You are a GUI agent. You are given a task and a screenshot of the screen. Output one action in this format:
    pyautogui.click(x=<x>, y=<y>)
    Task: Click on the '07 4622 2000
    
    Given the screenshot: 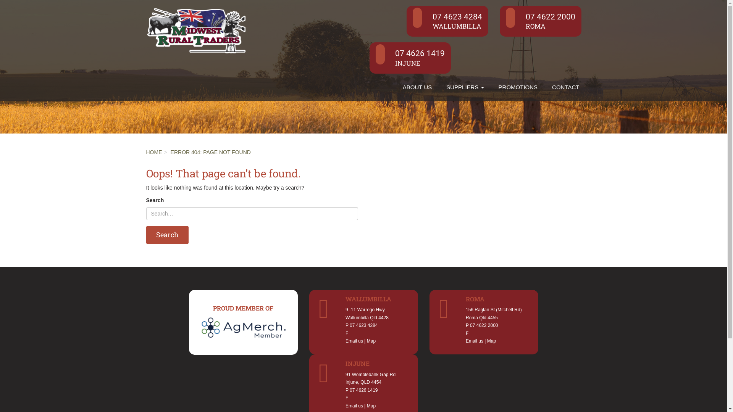 What is the action you would take?
    pyautogui.click(x=540, y=21)
    